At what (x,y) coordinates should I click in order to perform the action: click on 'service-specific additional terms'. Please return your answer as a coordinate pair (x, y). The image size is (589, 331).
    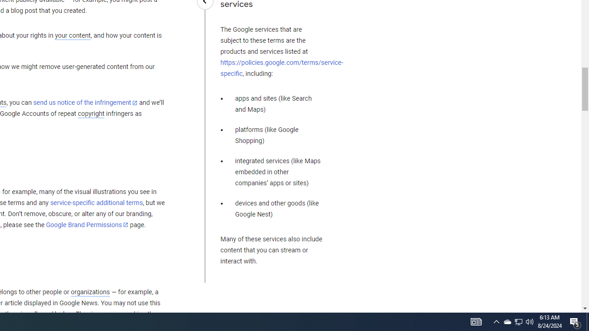
    Looking at the image, I should click on (96, 202).